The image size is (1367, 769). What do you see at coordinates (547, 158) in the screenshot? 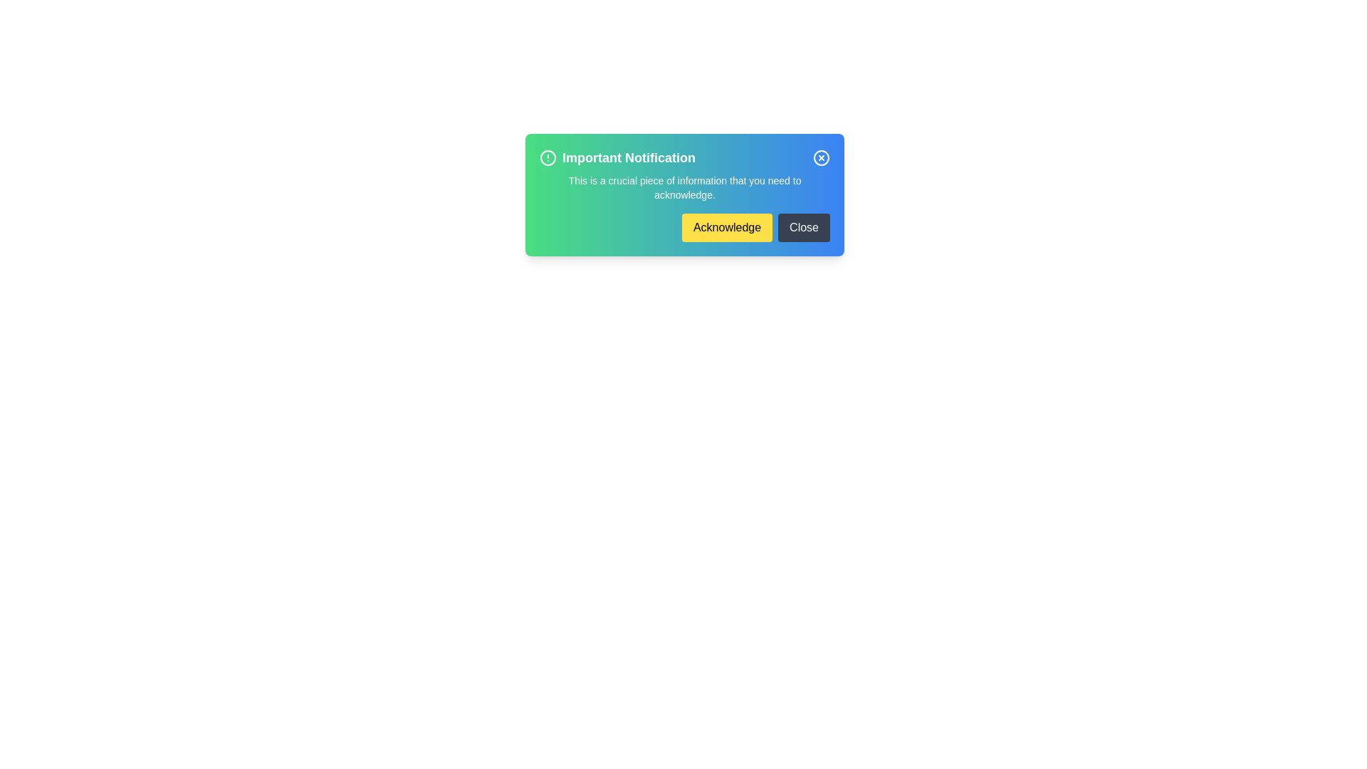
I see `the circular outline SVG element located in the top-left corner of the notification box, which has a 10-unit radius and no visible fill` at bounding box center [547, 158].